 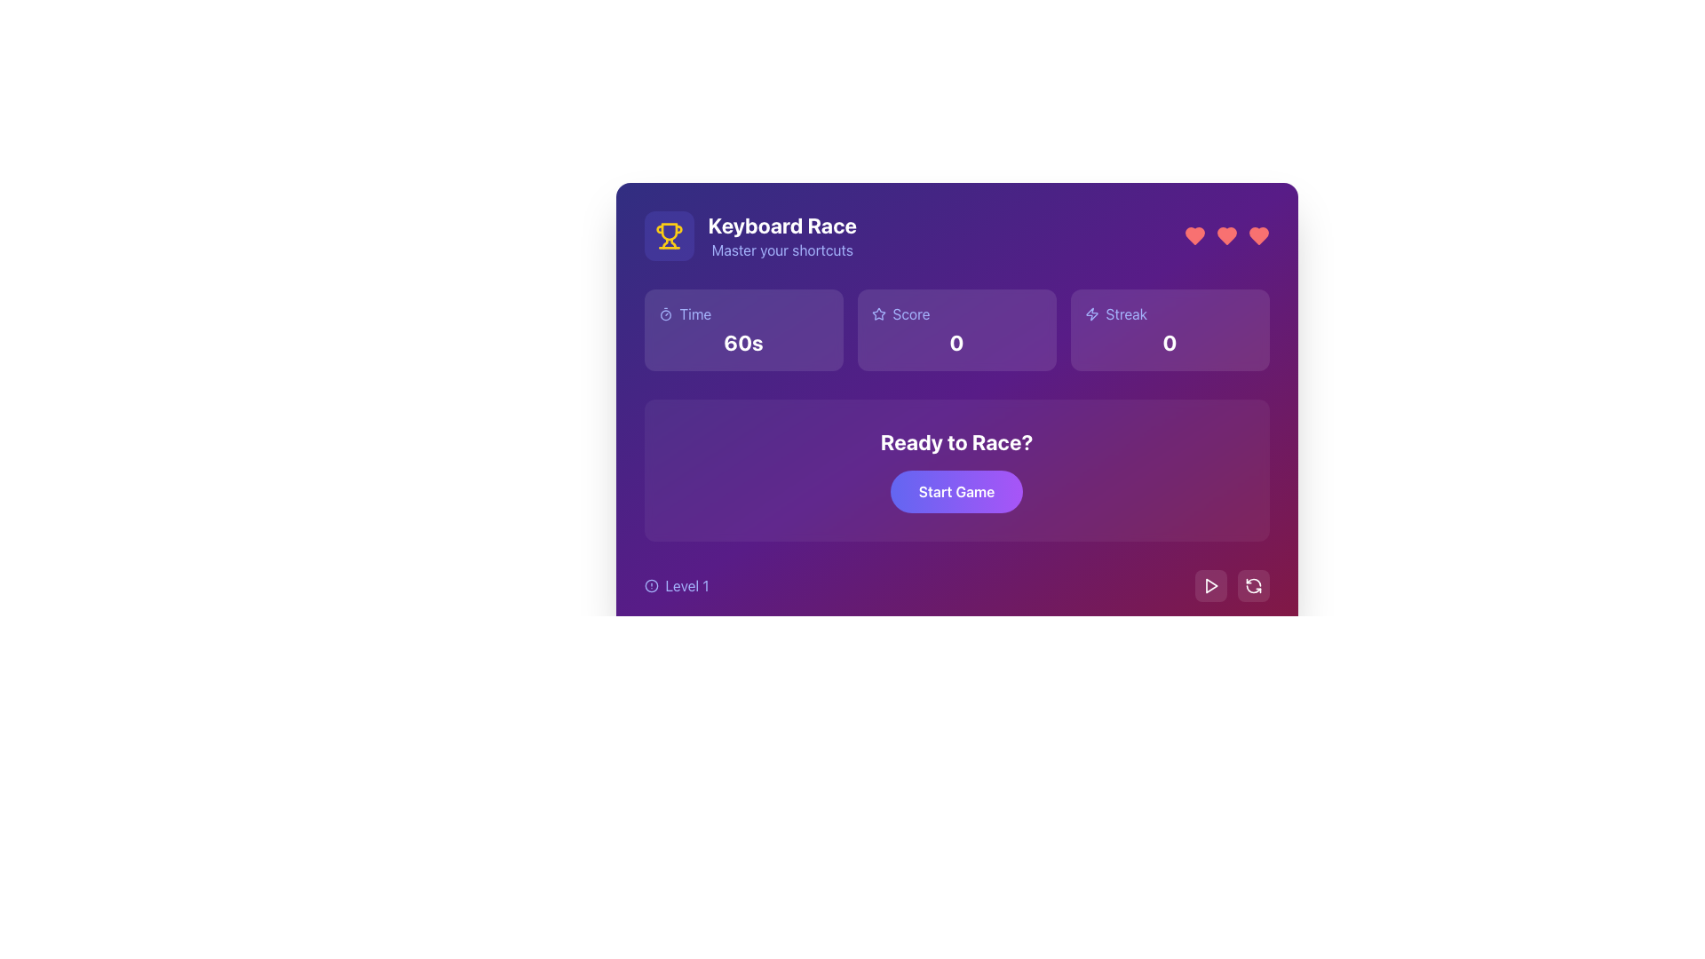 I want to click on the circular arrow icon button located at the bottom-right corner of the interface, so click(x=1252, y=585).